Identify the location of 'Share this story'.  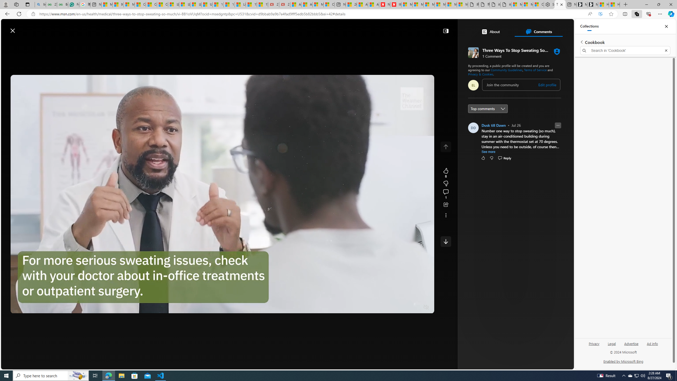
(445, 205).